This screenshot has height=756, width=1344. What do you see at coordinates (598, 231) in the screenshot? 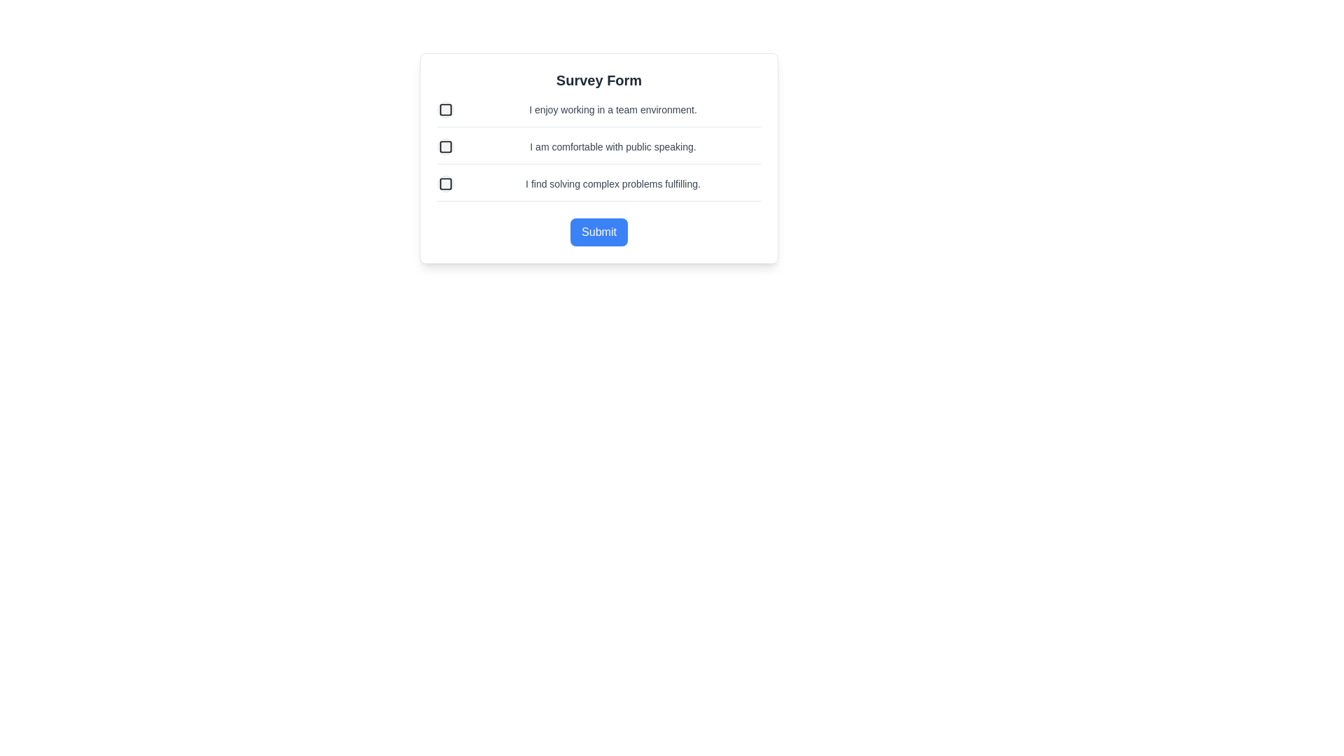
I see `the submit button located at the bottom of the 'Survey Form'` at bounding box center [598, 231].